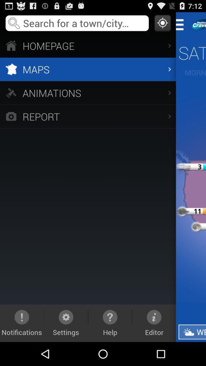 The image size is (206, 366). Describe the element at coordinates (192, 331) in the screenshot. I see `item next to the editor app` at that location.